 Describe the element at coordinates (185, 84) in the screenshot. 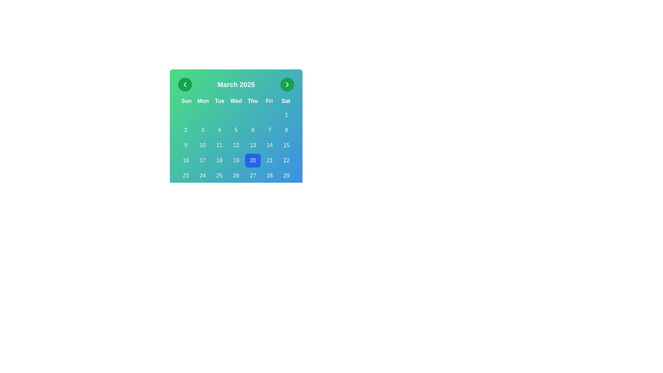

I see `the circular button with a green background located on the left-hand side of the calendar header bar` at that location.